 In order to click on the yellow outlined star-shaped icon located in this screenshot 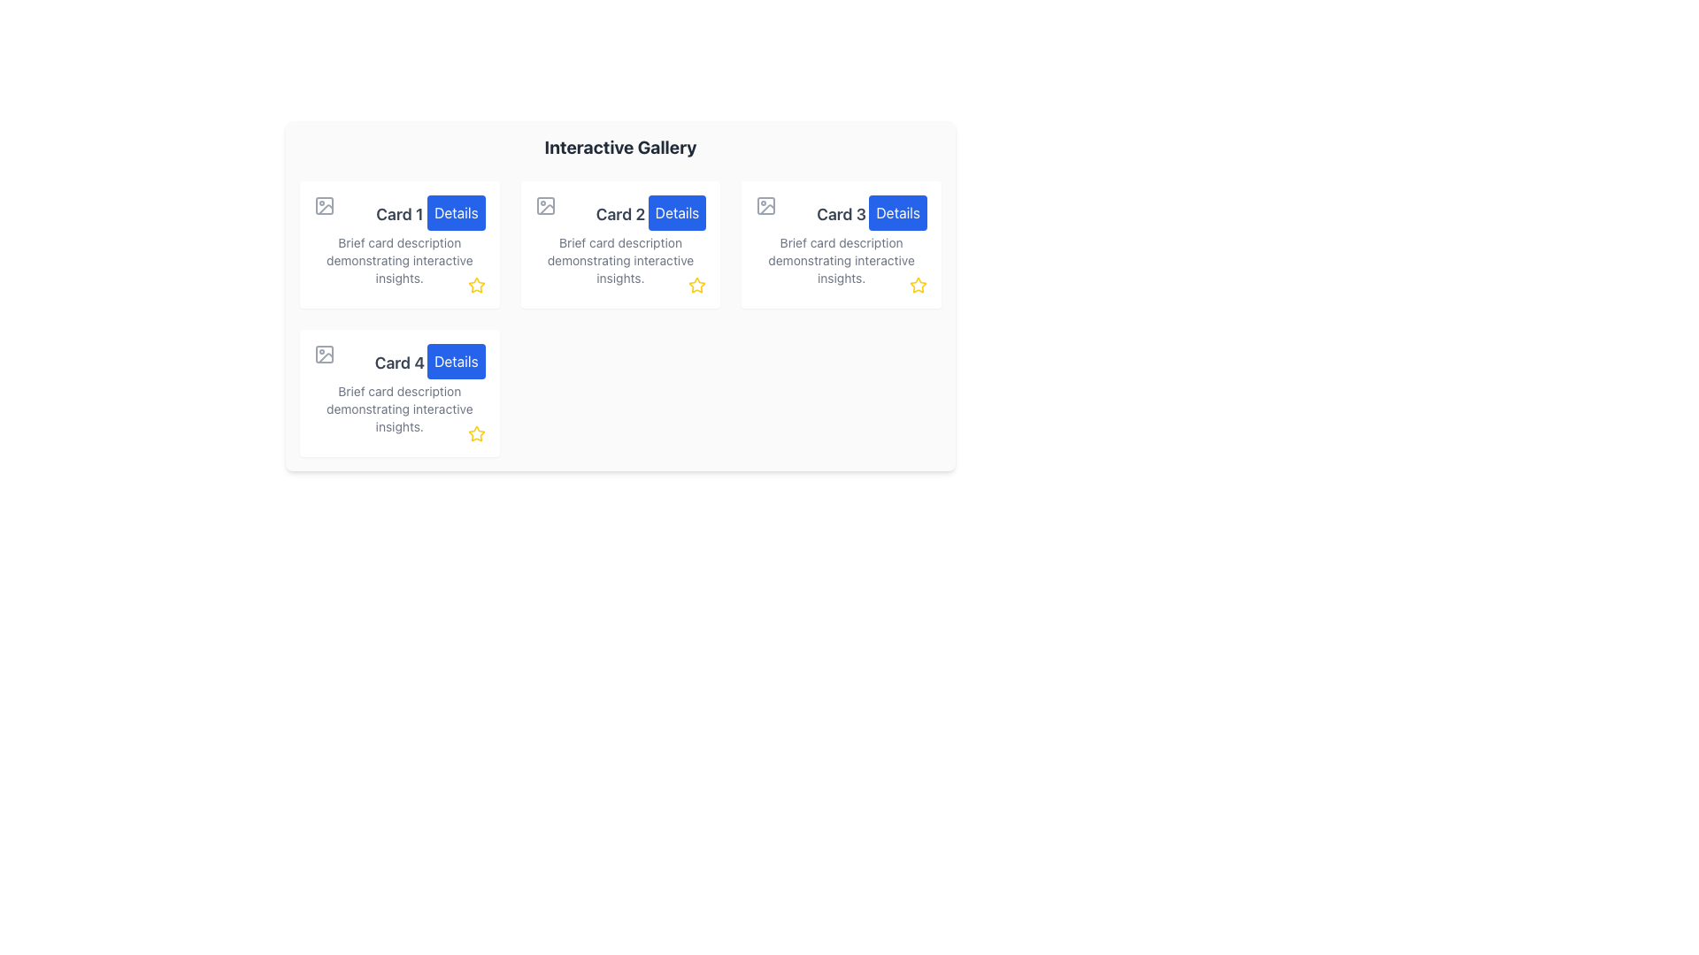, I will do `click(476, 433)`.